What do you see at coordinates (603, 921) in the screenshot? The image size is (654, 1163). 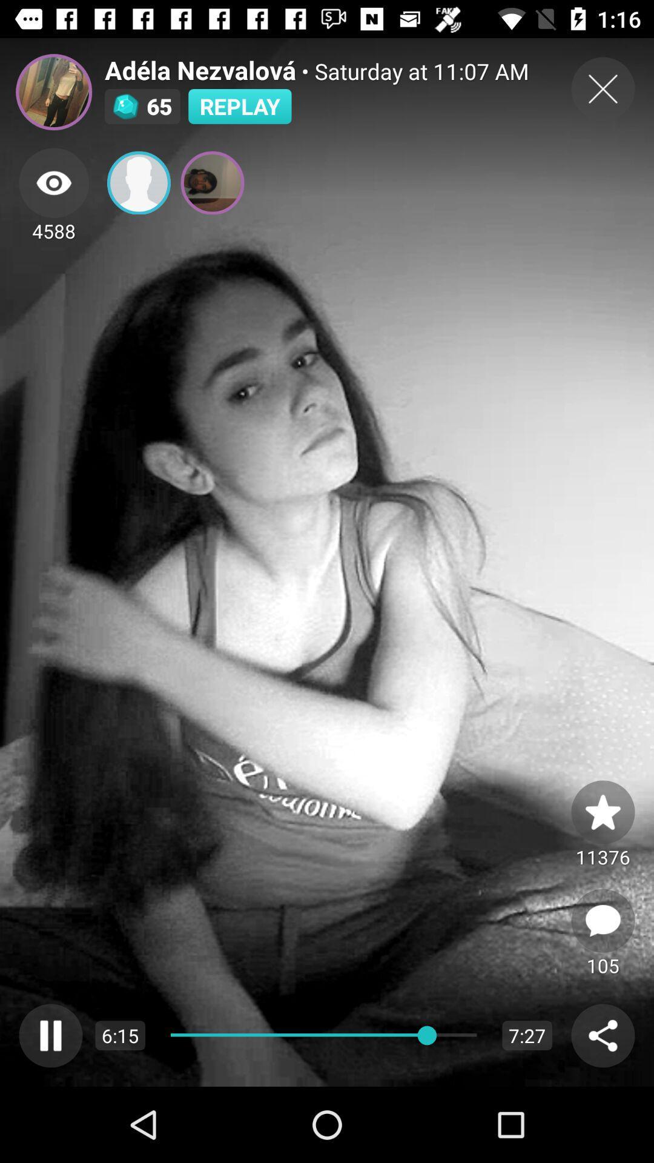 I see `messages` at bounding box center [603, 921].